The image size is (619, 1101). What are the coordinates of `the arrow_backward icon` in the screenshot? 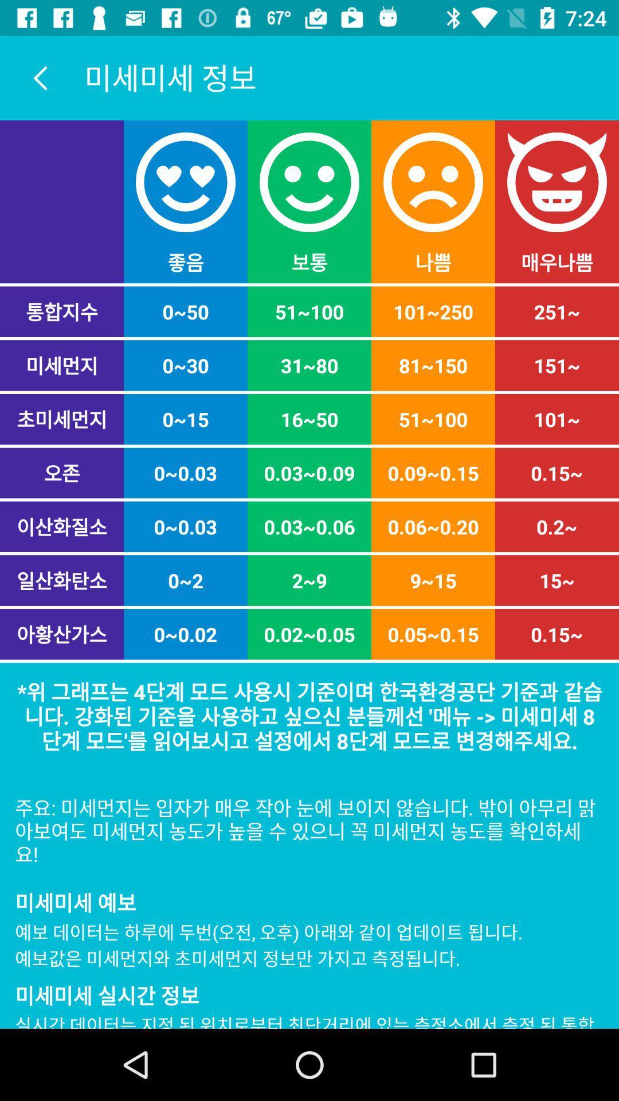 It's located at (41, 77).